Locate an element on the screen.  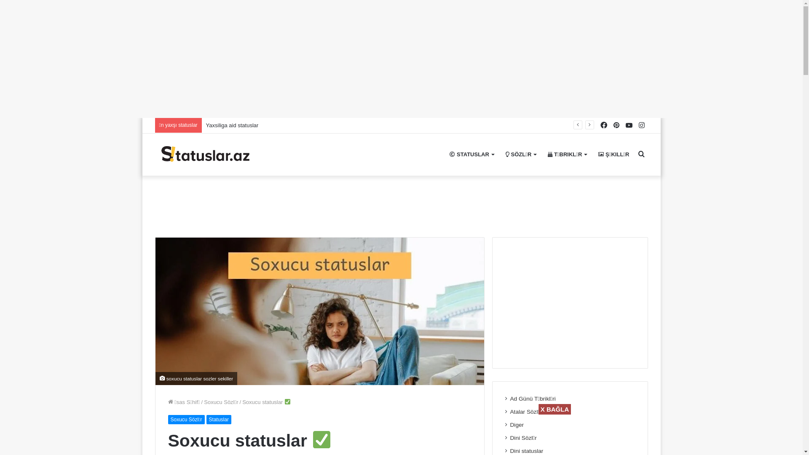
'Axtar..' is located at coordinates (641, 154).